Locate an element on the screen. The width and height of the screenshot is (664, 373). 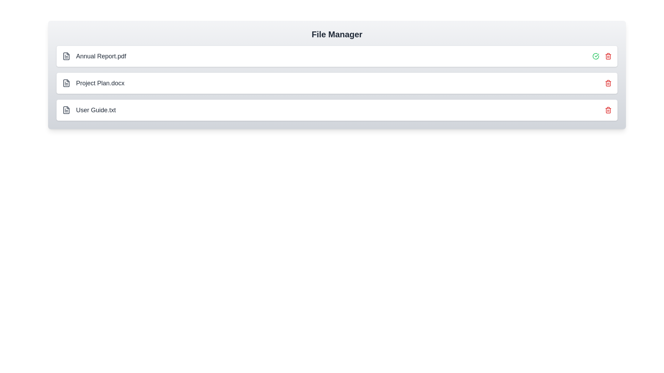
the text label for the first file is located at coordinates (101, 56).